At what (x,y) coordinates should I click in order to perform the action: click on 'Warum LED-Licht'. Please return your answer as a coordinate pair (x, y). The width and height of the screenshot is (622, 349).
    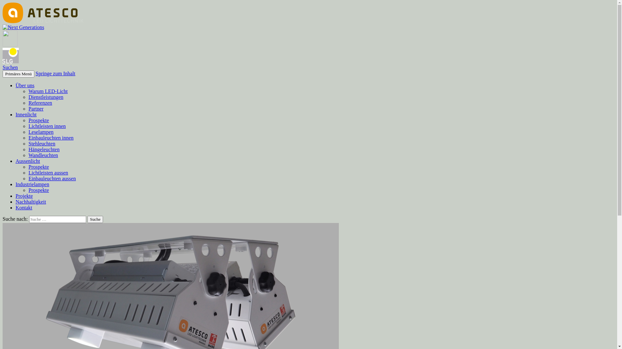
    Looking at the image, I should click on (48, 91).